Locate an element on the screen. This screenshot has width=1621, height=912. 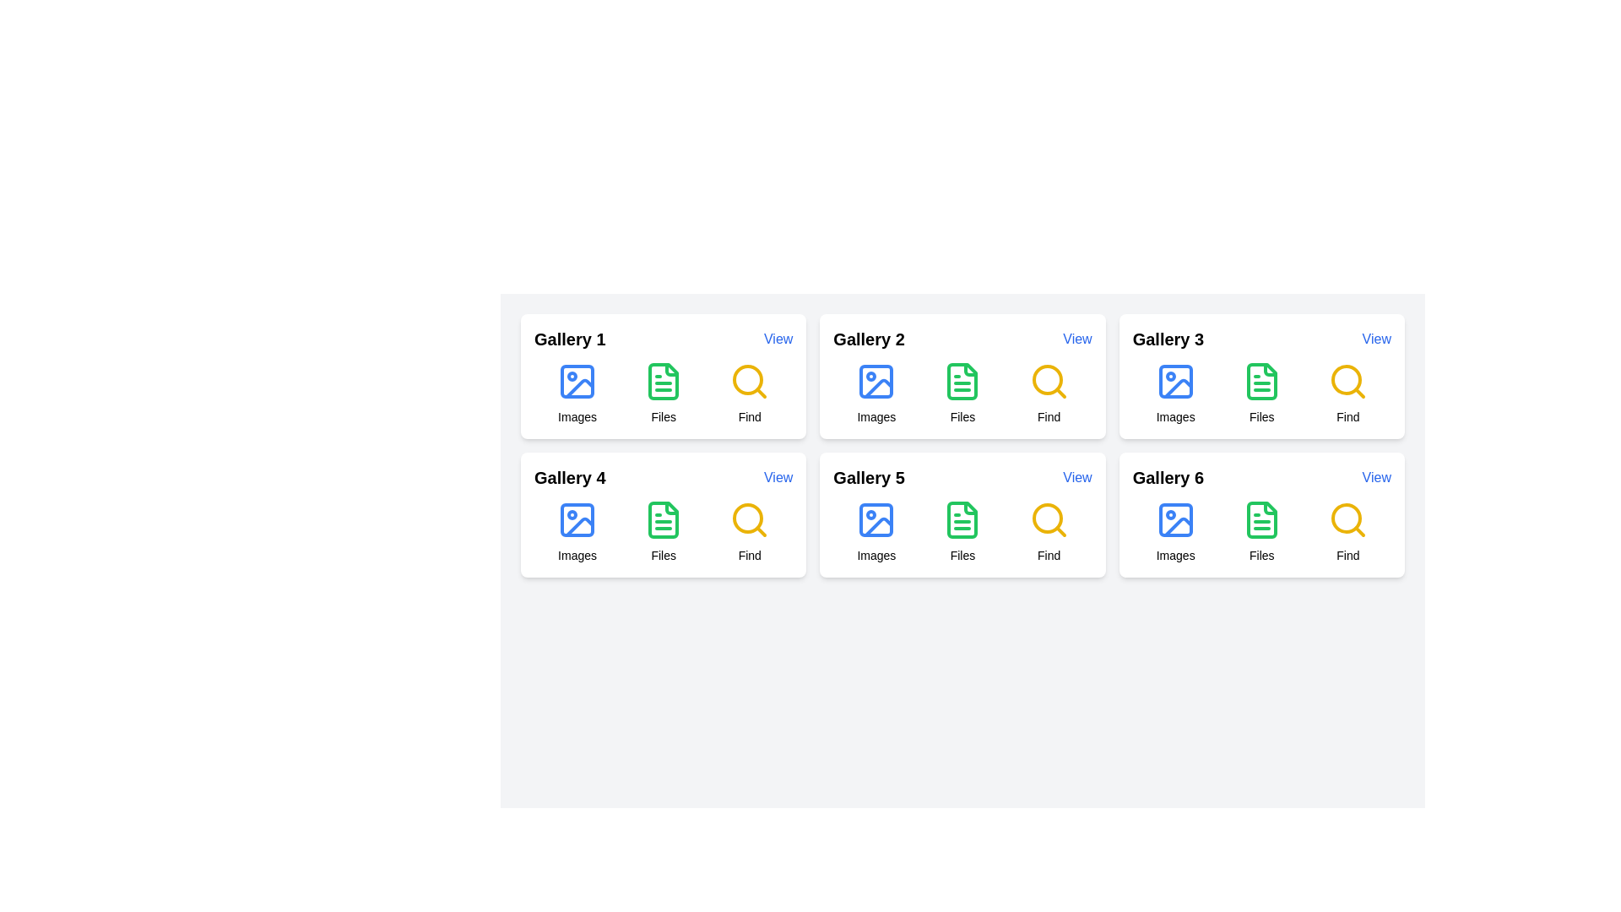
the file icon with descriptive text located is located at coordinates (962, 530).